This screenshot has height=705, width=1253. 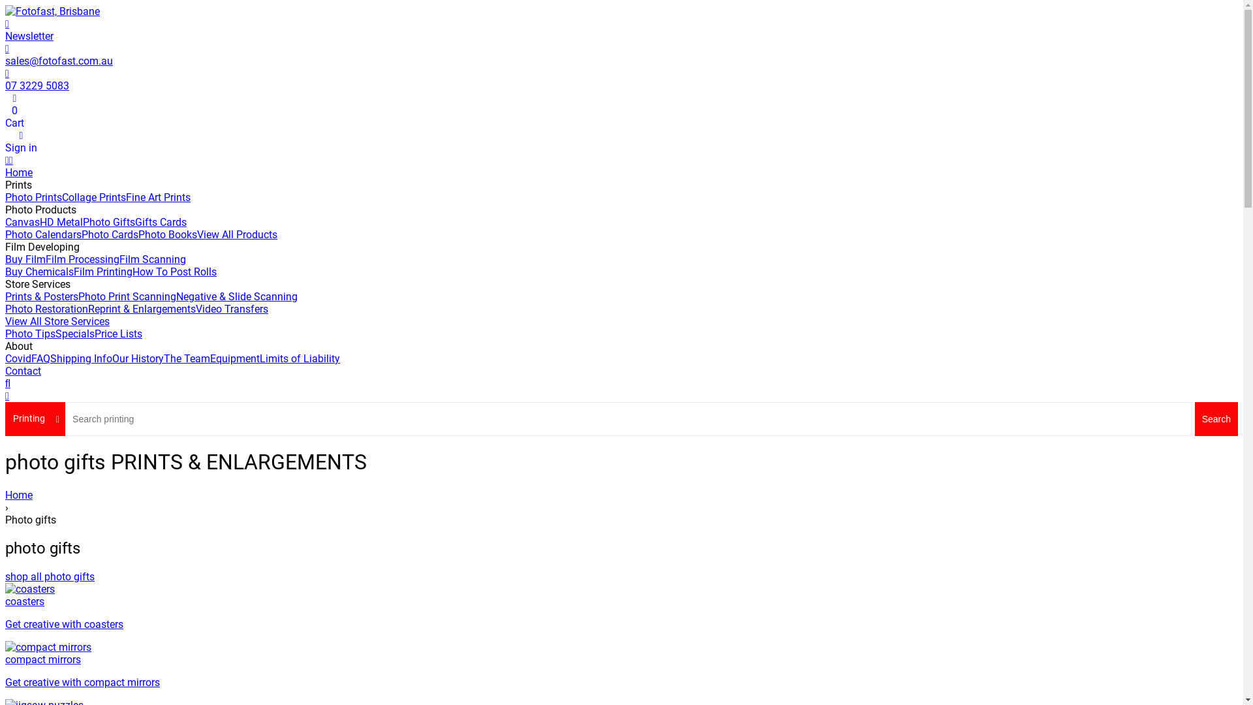 What do you see at coordinates (174, 271) in the screenshot?
I see `'How To Post Rolls'` at bounding box center [174, 271].